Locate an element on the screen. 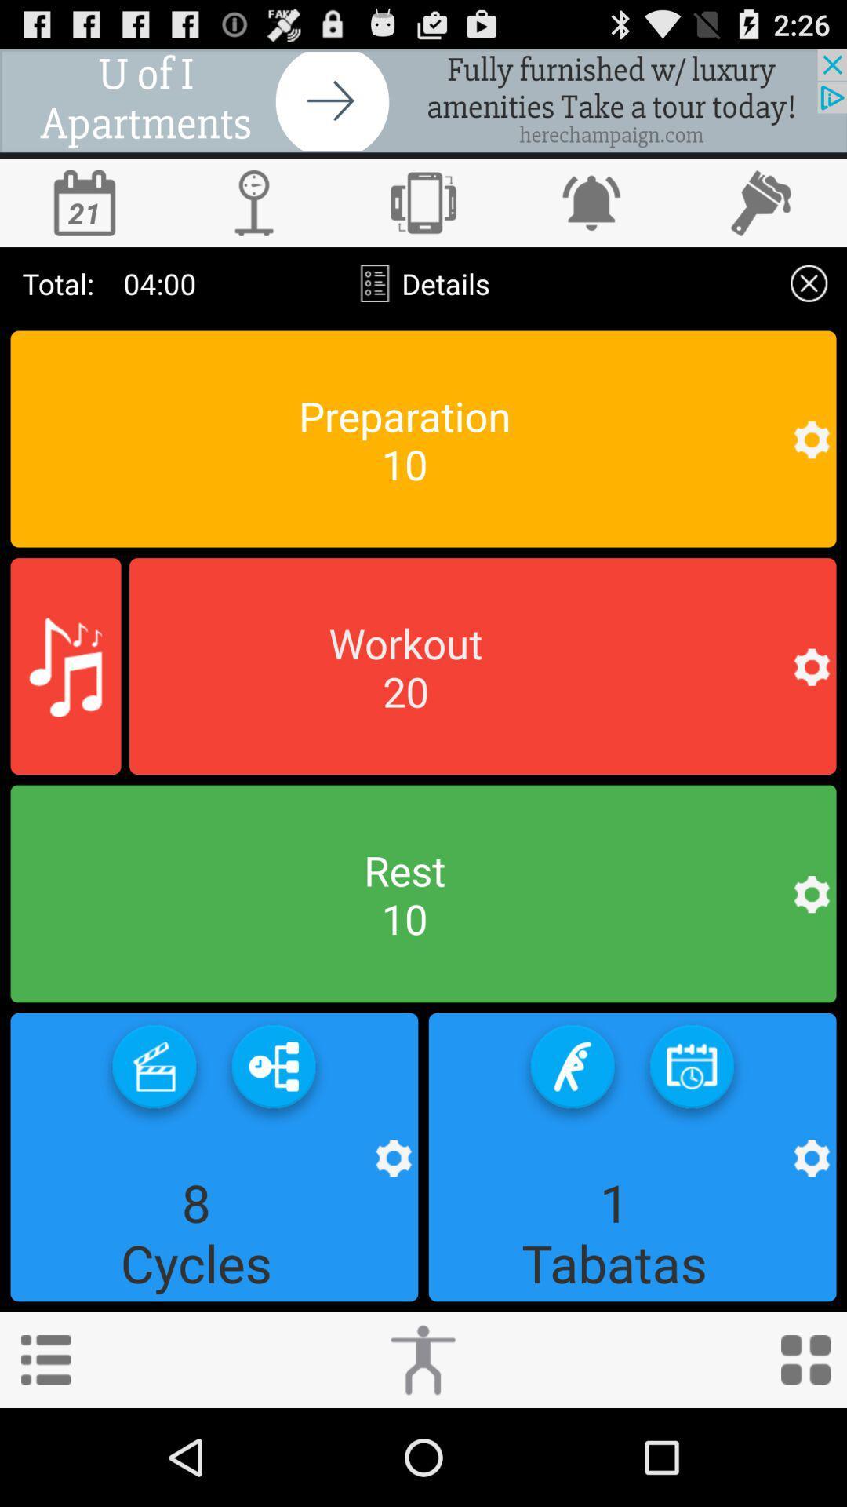 The image size is (847, 1507). change date is located at coordinates (85, 202).